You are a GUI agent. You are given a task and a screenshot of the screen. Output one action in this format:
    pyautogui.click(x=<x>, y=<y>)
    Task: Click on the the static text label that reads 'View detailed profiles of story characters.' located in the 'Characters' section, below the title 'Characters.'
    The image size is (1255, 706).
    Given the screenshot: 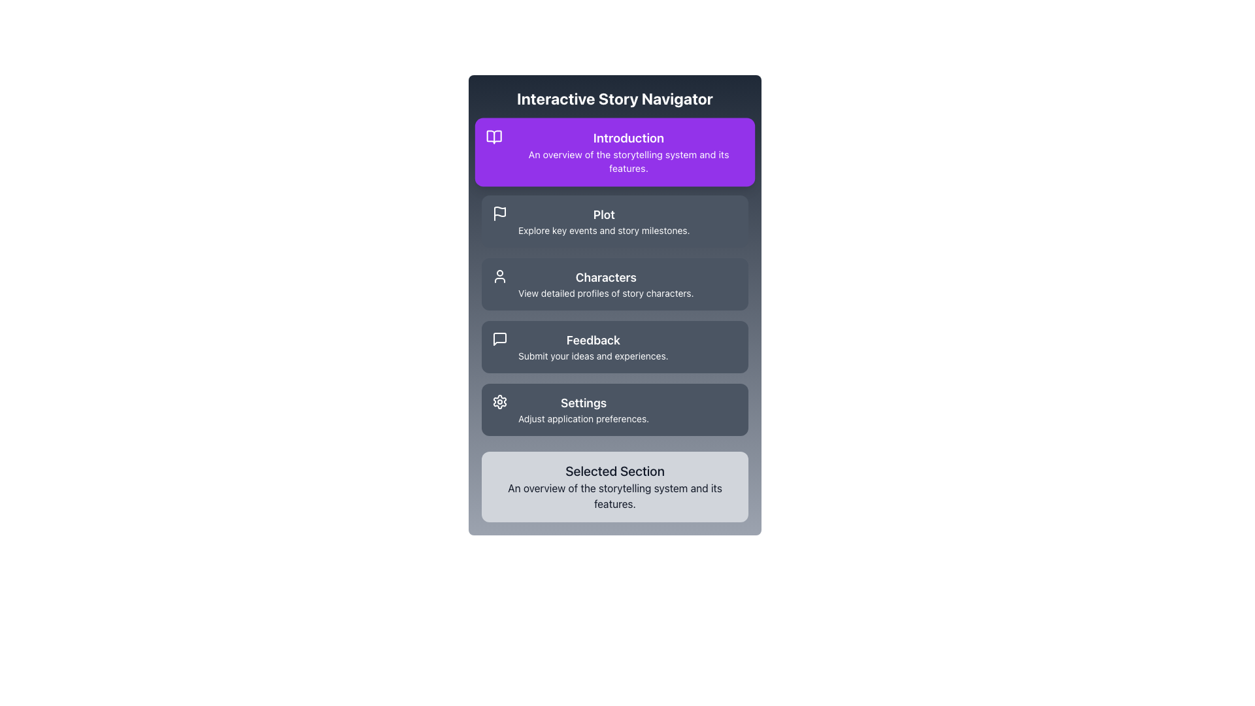 What is the action you would take?
    pyautogui.click(x=605, y=292)
    